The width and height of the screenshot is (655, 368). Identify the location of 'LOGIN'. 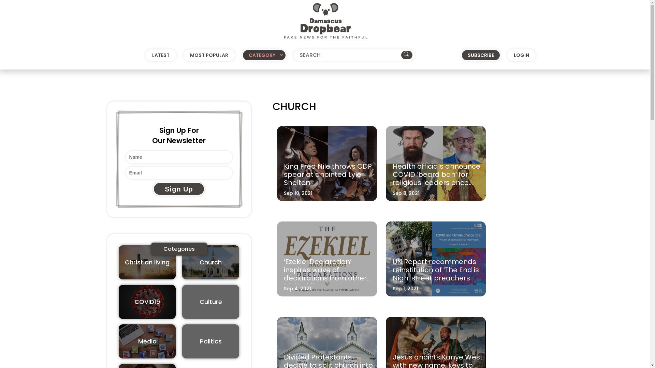
(521, 55).